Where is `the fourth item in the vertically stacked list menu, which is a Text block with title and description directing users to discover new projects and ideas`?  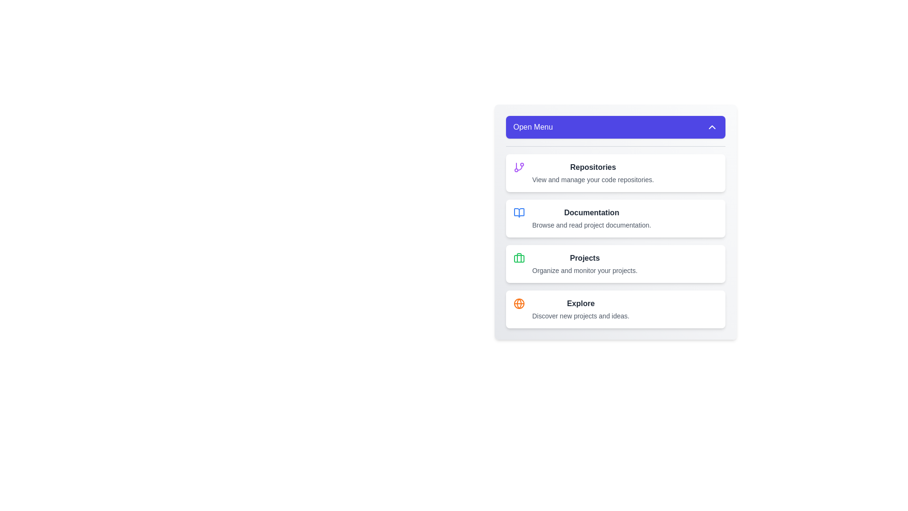 the fourth item in the vertically stacked list menu, which is a Text block with title and description directing users to discover new projects and ideas is located at coordinates (580, 309).